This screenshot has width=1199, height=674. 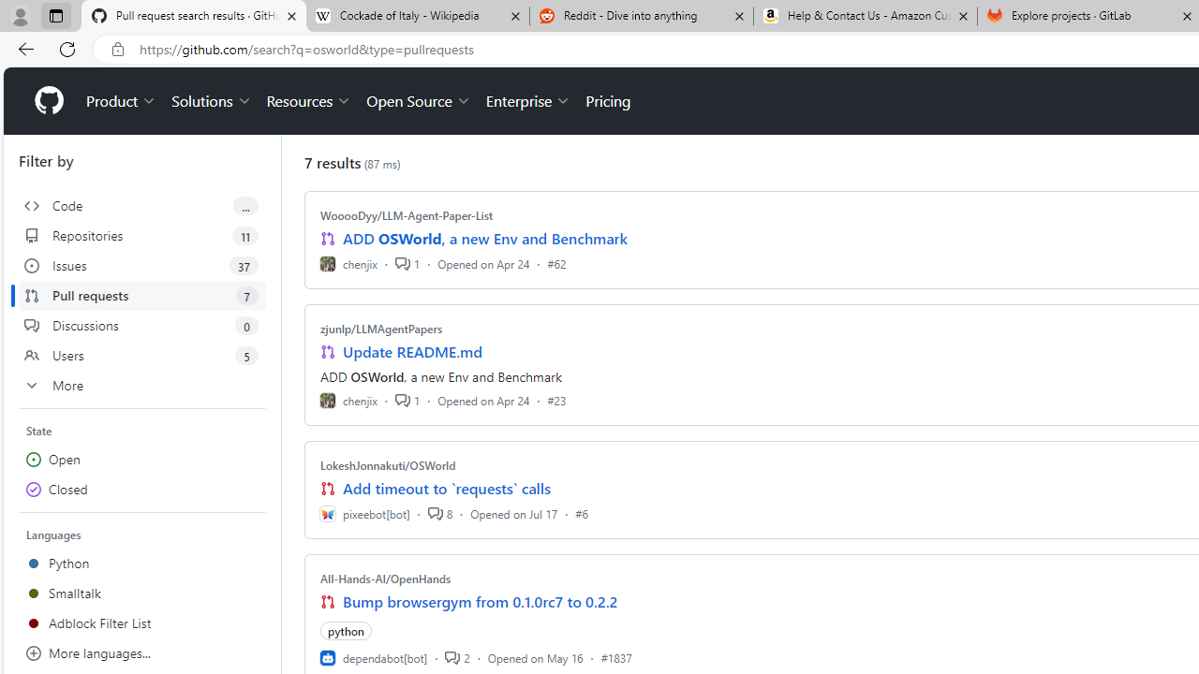 I want to click on 'ADD OSWorld, a new Env and Benchmark', so click(x=484, y=238).